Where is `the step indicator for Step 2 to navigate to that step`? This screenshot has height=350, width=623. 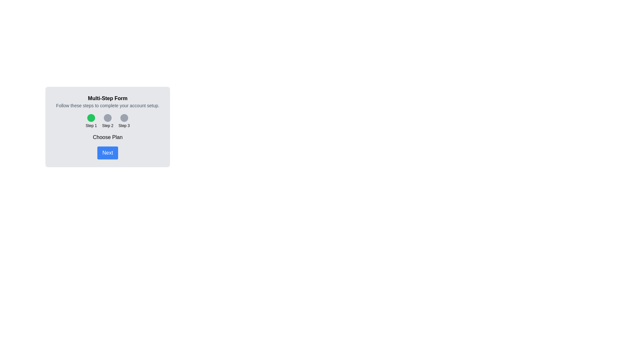 the step indicator for Step 2 to navigate to that step is located at coordinates (107, 121).